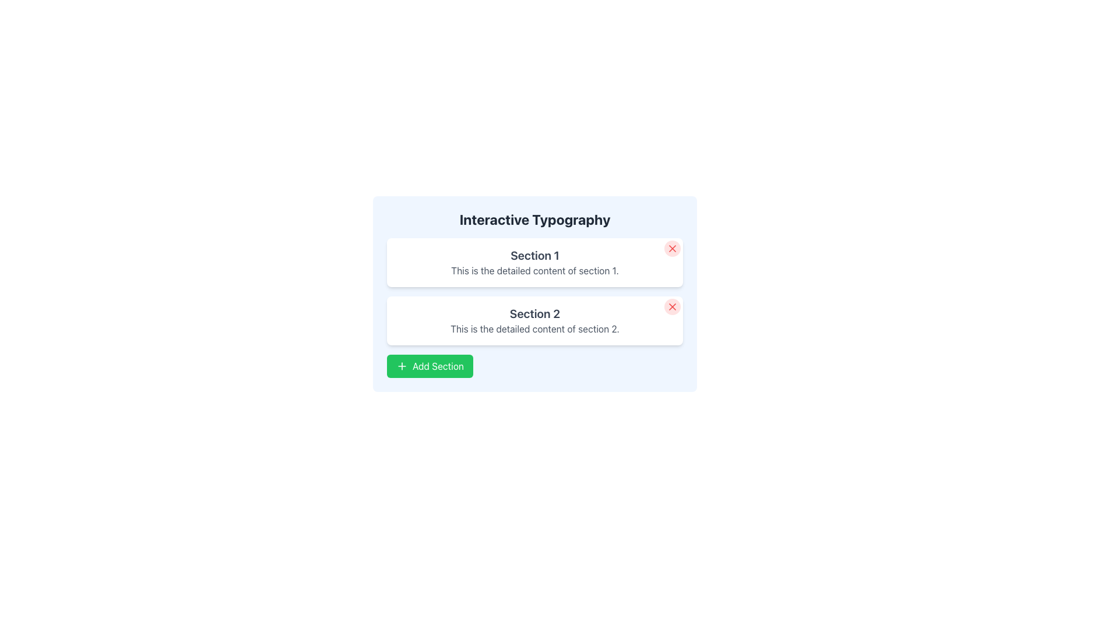 The height and width of the screenshot is (629, 1119). I want to click on text of the heading that reads 'Section 2' which is styled in a large bold dark gray font and positioned above the detailed content description of Section 2, so click(534, 313).